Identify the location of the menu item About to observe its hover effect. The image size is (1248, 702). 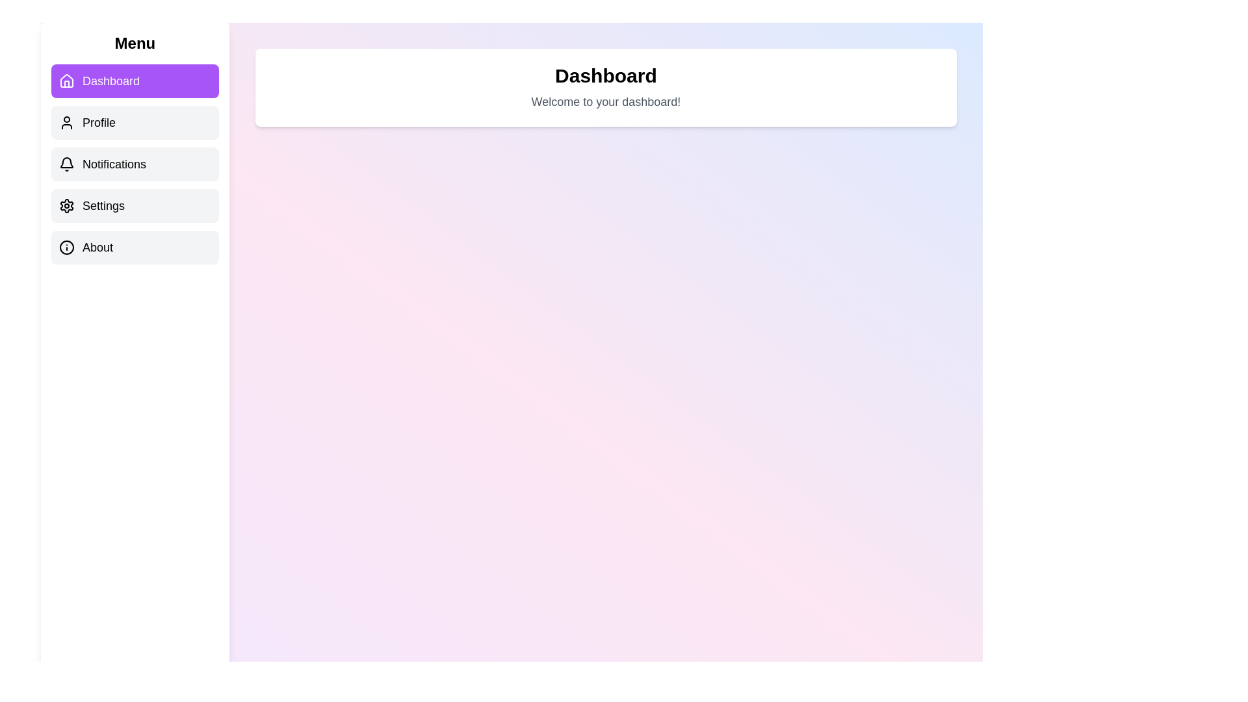
(135, 248).